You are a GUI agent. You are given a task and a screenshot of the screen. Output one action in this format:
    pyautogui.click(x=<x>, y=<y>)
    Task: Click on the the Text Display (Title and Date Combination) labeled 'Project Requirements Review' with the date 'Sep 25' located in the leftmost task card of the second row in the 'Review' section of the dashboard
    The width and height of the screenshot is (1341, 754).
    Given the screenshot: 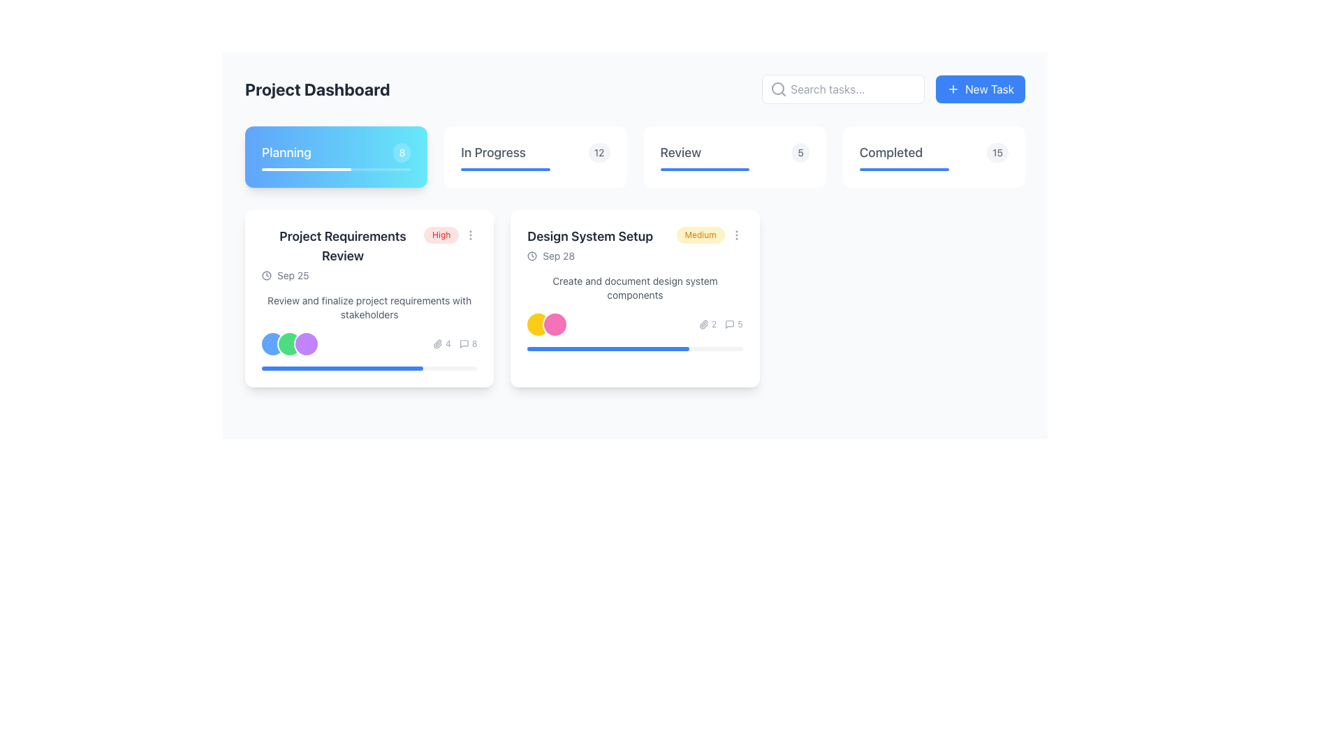 What is the action you would take?
    pyautogui.click(x=343, y=255)
    